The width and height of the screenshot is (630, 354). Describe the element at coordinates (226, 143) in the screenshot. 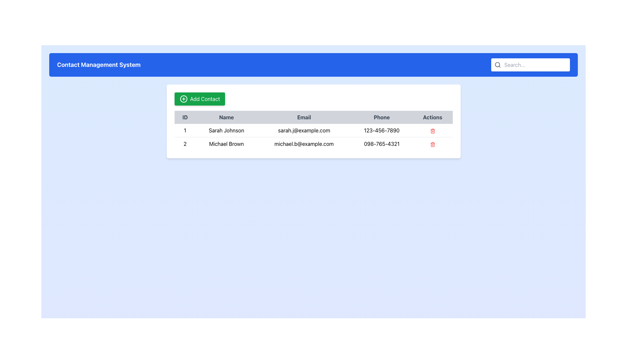

I see `the text display showing 'Michael Brown', located in the second row of the table under the 'Name' column` at that location.